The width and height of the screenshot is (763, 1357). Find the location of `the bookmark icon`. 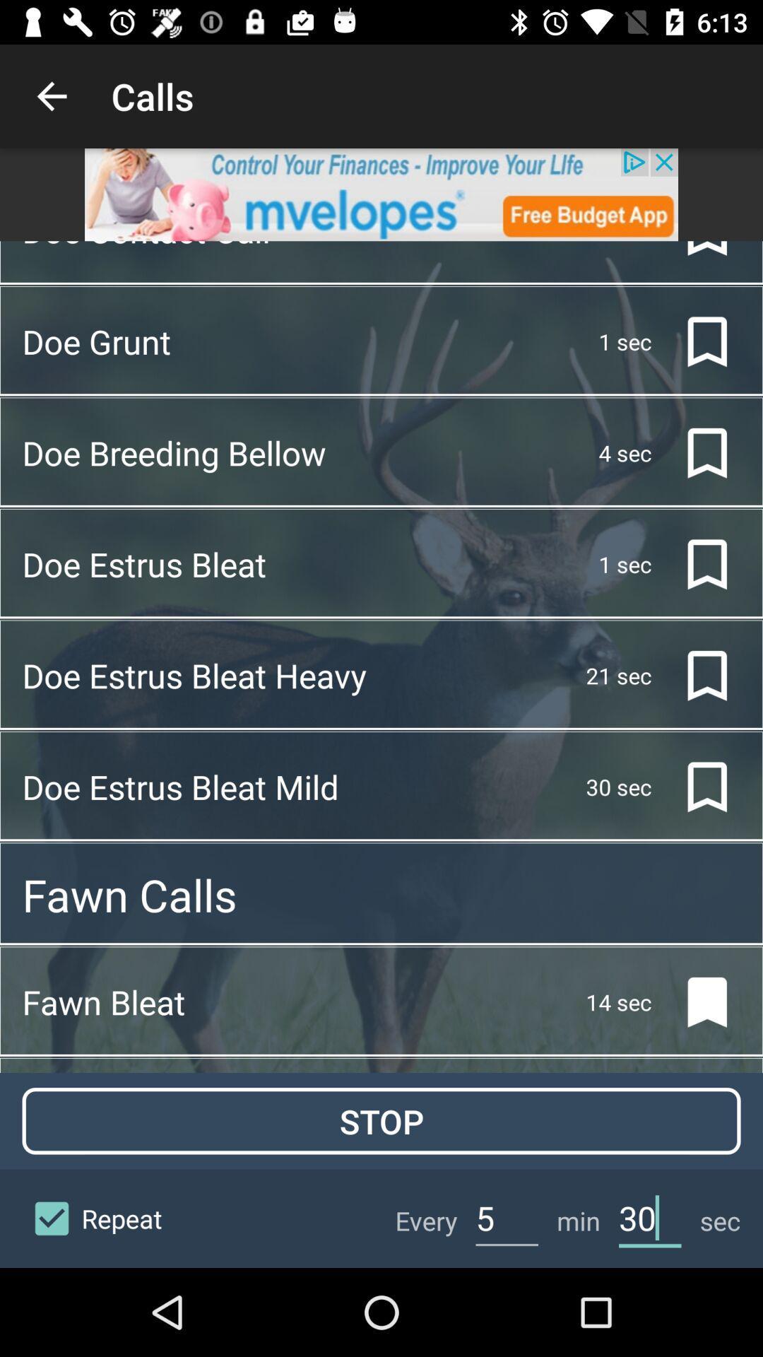

the bookmark icon is located at coordinates (695, 563).